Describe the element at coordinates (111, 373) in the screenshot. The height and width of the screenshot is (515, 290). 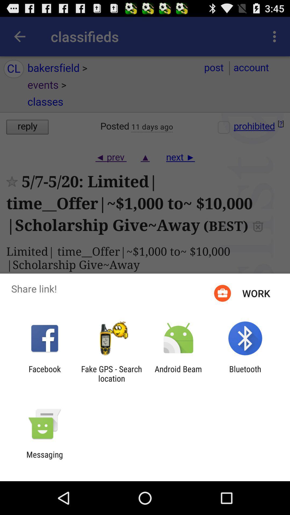
I see `the app to the right of the facebook item` at that location.